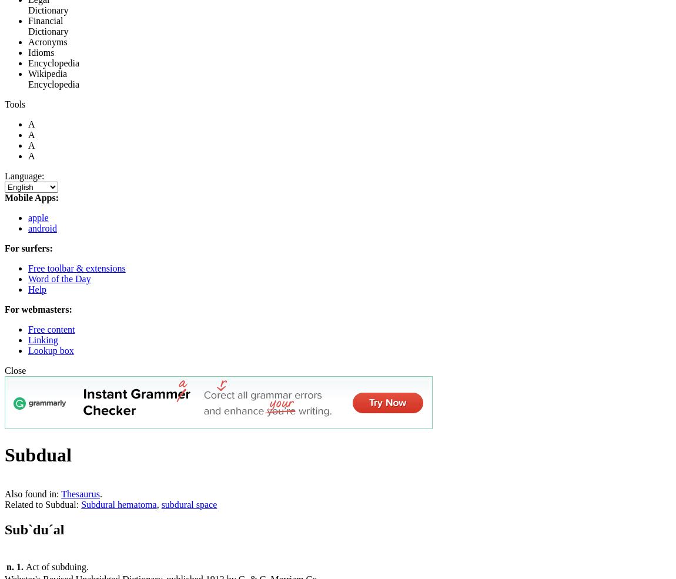 The width and height of the screenshot is (676, 579). I want to click on 'Free content', so click(51, 329).